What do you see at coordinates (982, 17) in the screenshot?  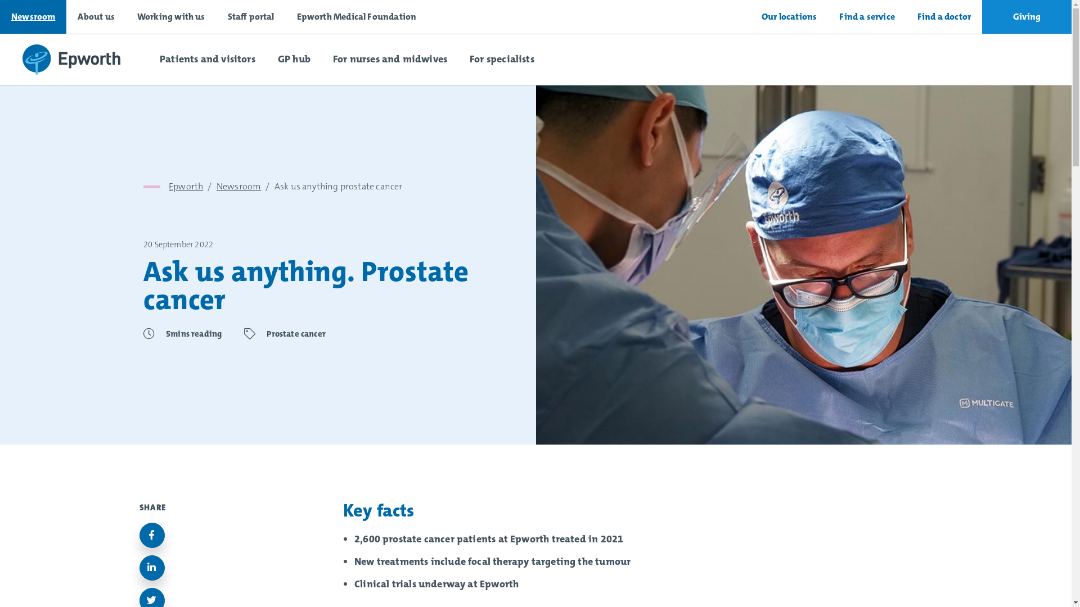 I see `'Giving'` at bounding box center [982, 17].